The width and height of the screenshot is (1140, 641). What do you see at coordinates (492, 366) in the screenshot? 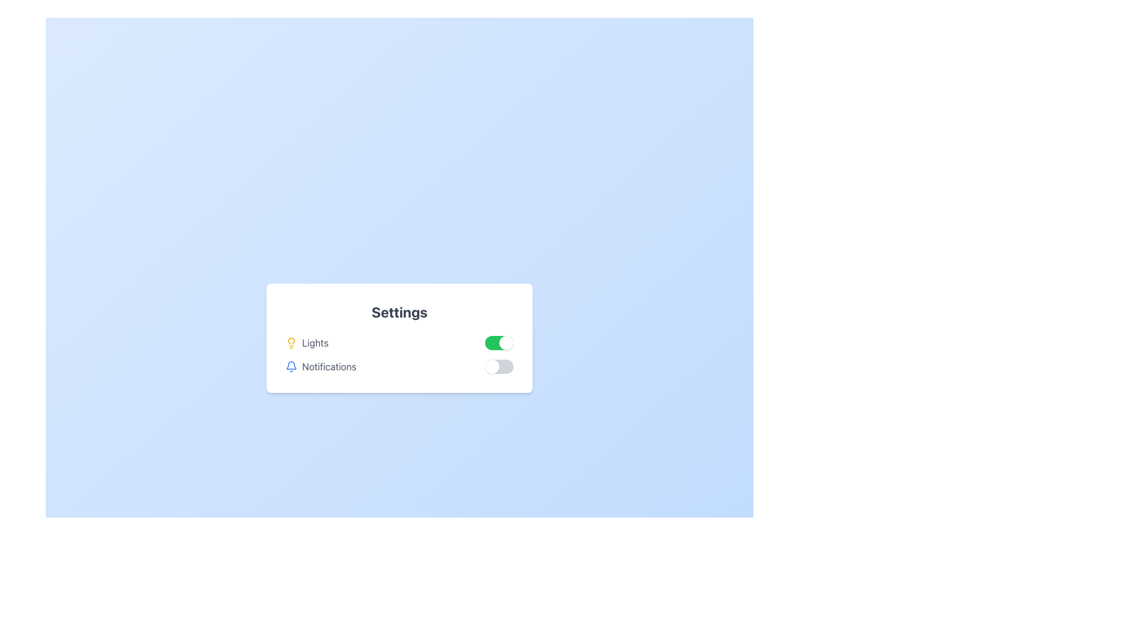
I see `the toggle indicator for the 'Notifications' switch` at bounding box center [492, 366].